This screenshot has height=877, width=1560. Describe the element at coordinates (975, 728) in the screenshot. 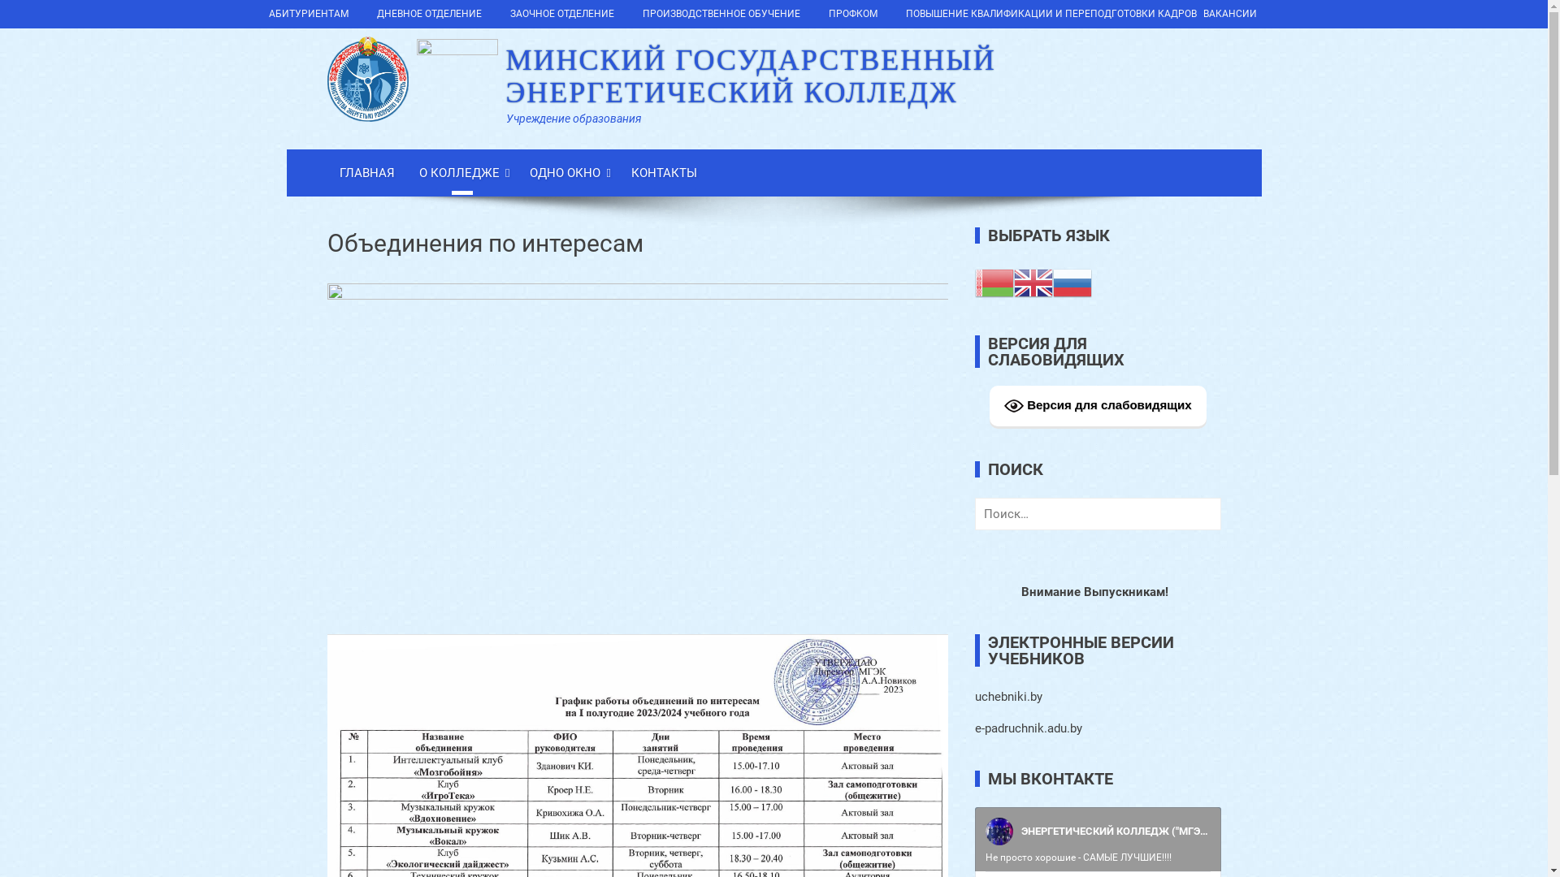

I see `'e-padruchnik.adu.by'` at that location.